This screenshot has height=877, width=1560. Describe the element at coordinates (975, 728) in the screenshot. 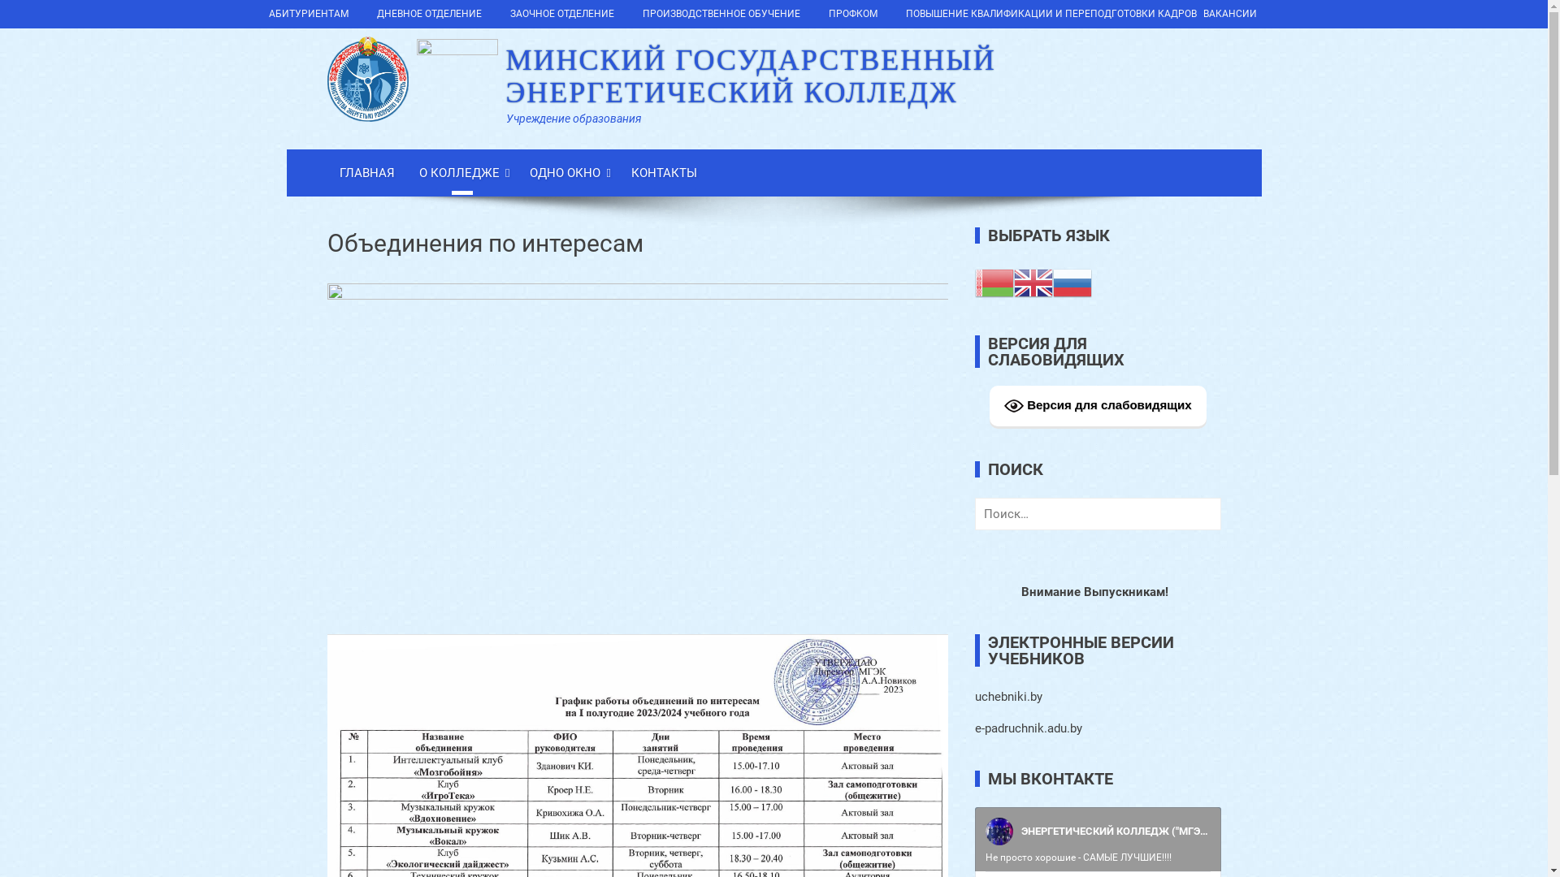

I see `'e-padruchnik.adu.by'` at that location.